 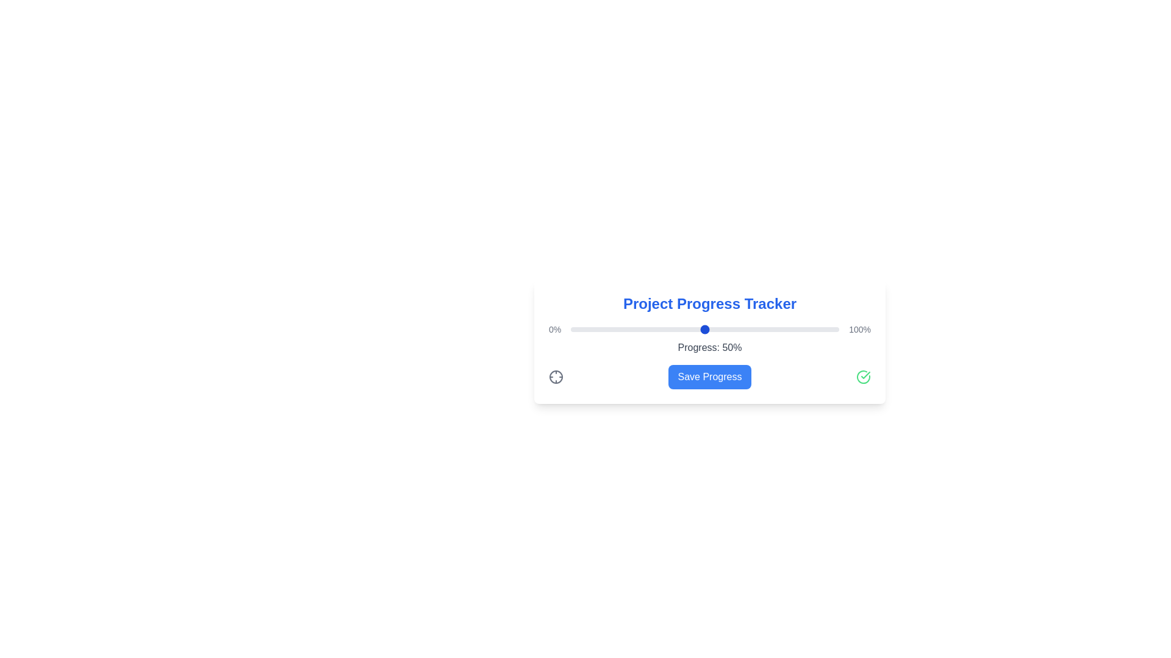 I want to click on the slider to set the progress value to 86, so click(x=801, y=329).